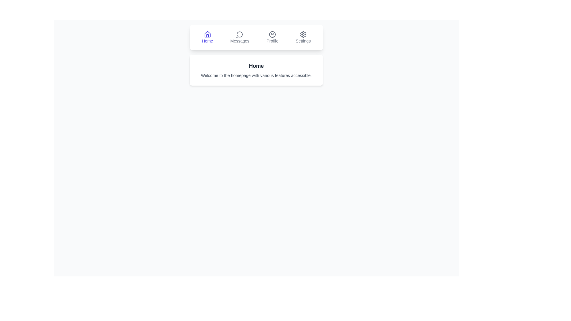  What do you see at coordinates (303, 37) in the screenshot?
I see `the Settings tab` at bounding box center [303, 37].